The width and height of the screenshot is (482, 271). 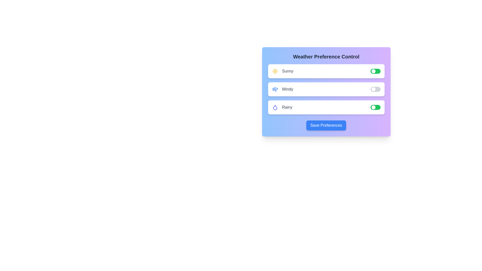 I want to click on 'Save Preferences' button, so click(x=326, y=125).